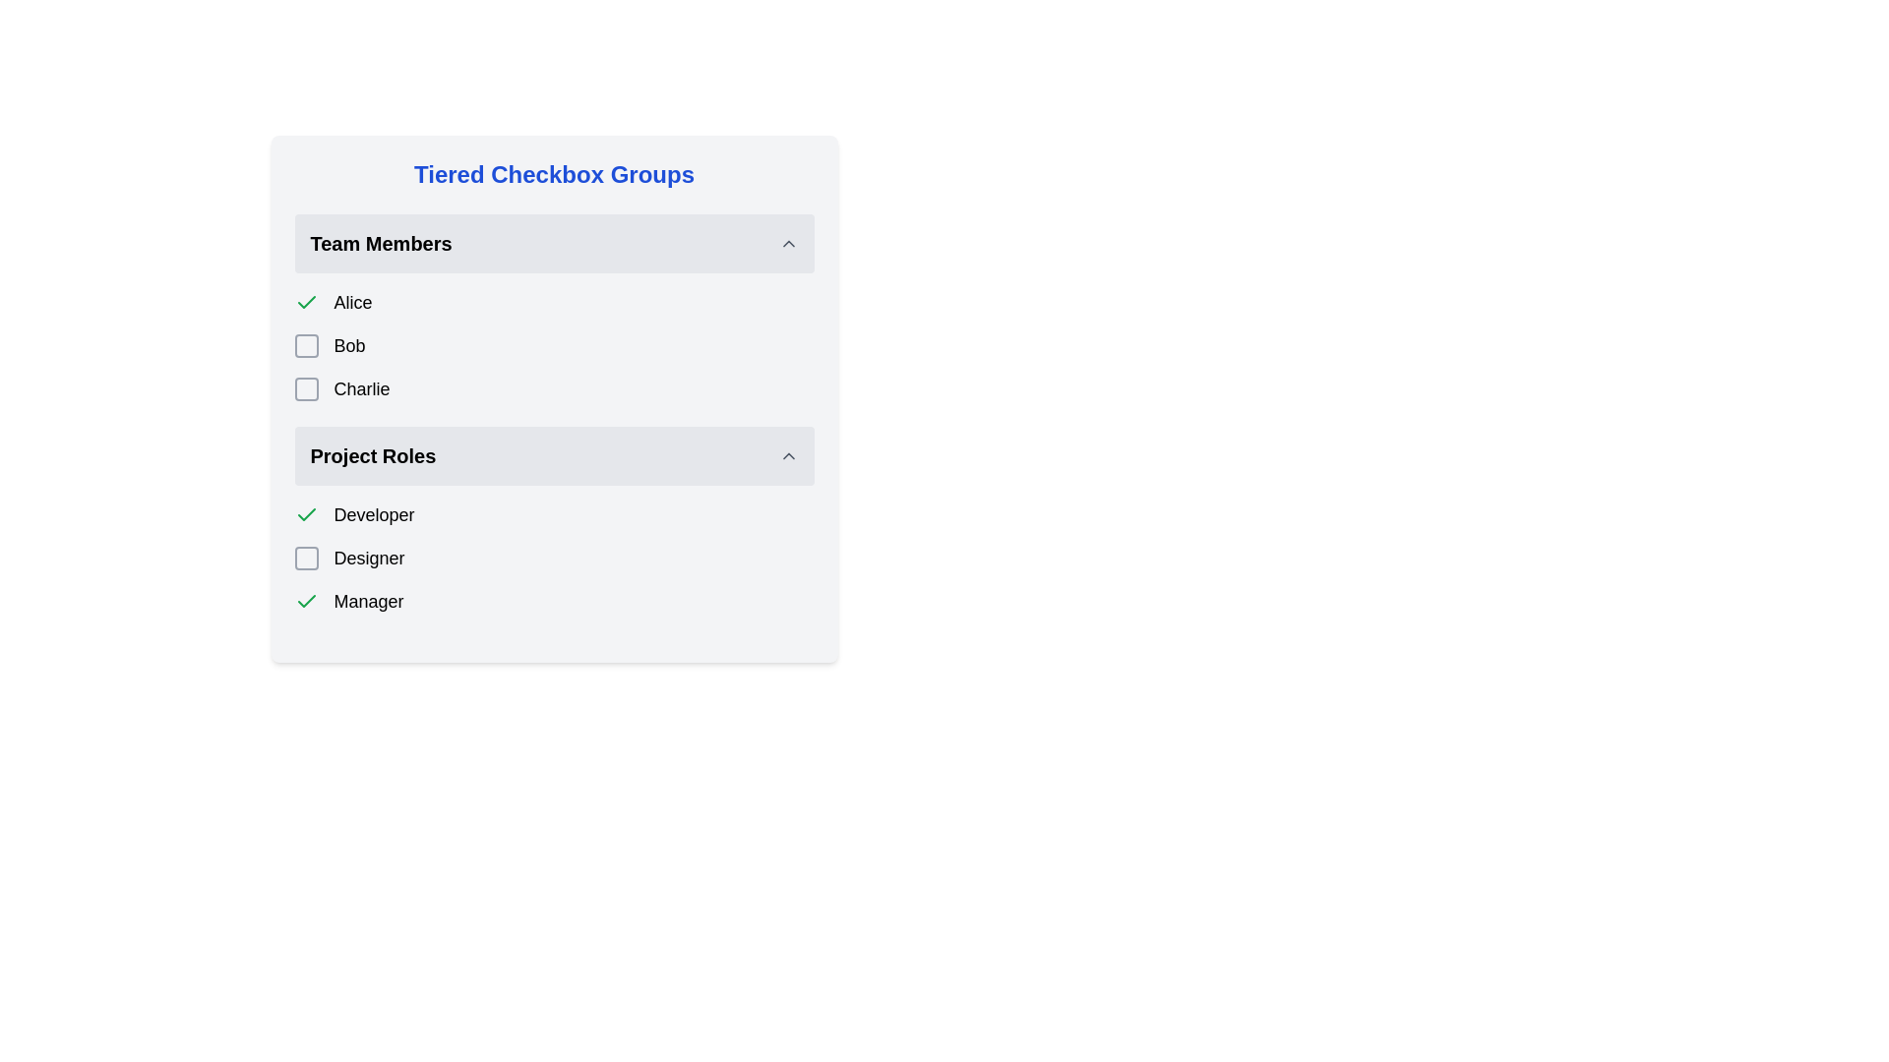 This screenshot has height=1062, width=1889. What do you see at coordinates (553, 303) in the screenshot?
I see `the first list item 'Alice' with a green checkmark in the 'Team Members' section to interact` at bounding box center [553, 303].